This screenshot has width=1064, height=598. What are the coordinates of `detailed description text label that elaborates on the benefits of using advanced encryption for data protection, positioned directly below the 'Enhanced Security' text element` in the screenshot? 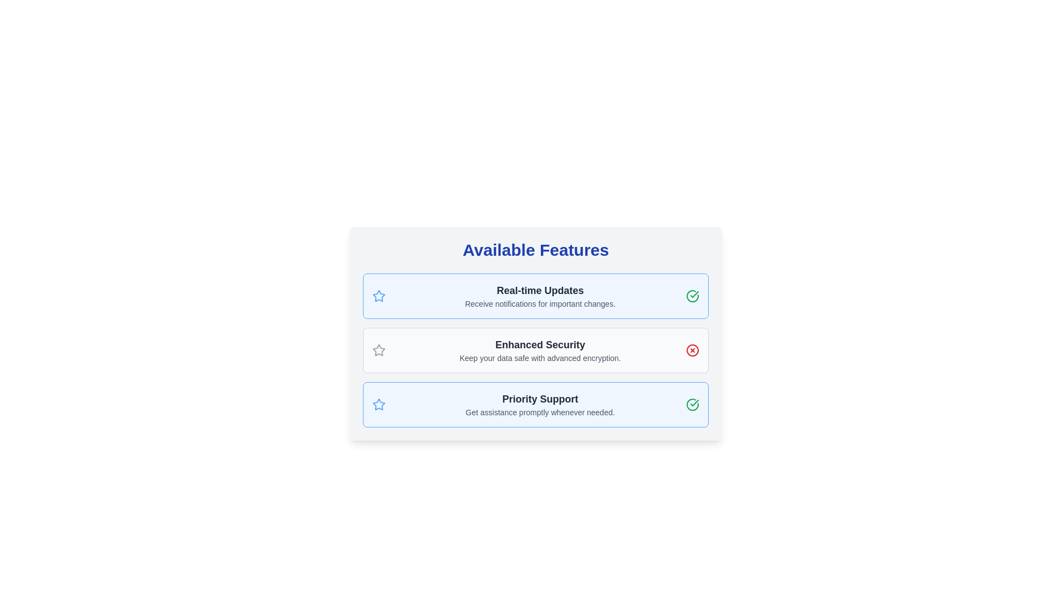 It's located at (540, 358).